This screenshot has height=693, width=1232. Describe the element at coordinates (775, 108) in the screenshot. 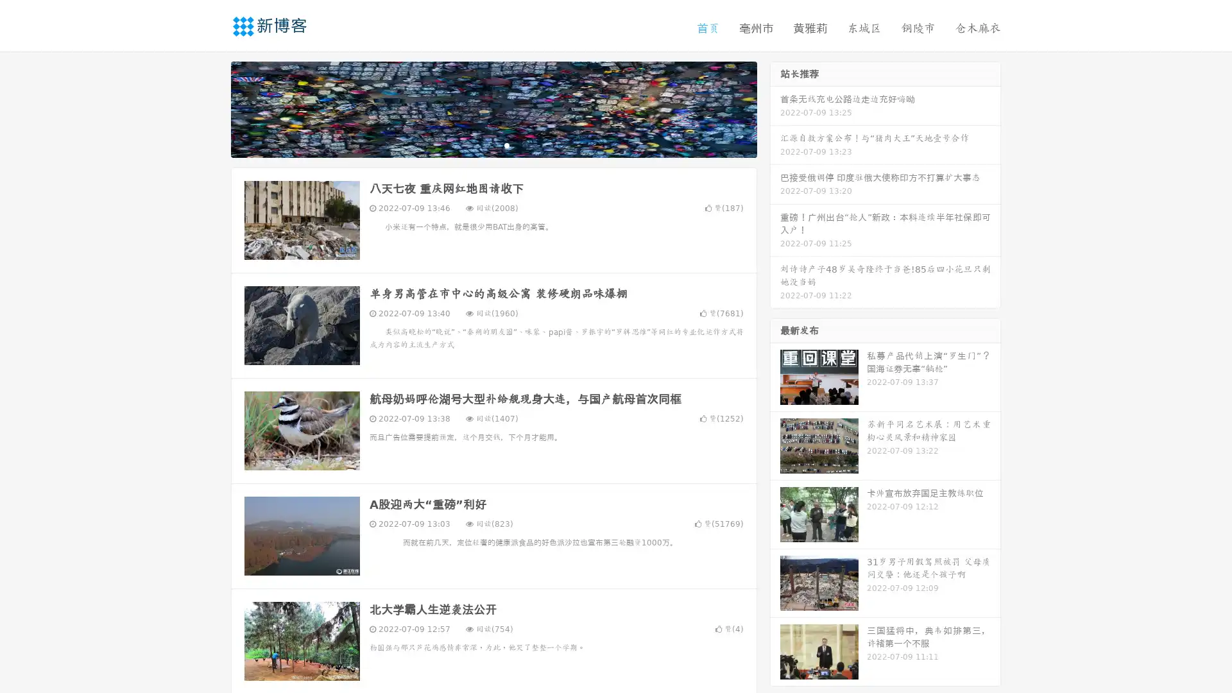

I see `Next slide` at that location.